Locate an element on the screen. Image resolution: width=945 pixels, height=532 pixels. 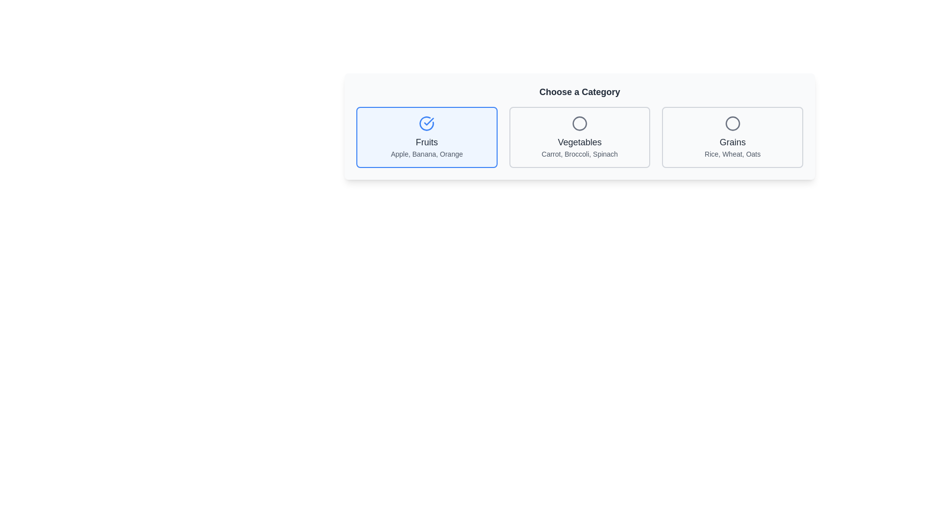
the Circle icon located inside the 'Vegetables' button of the category selection group, which has a diameter of 20 units and a stroke color is located at coordinates (579, 123).